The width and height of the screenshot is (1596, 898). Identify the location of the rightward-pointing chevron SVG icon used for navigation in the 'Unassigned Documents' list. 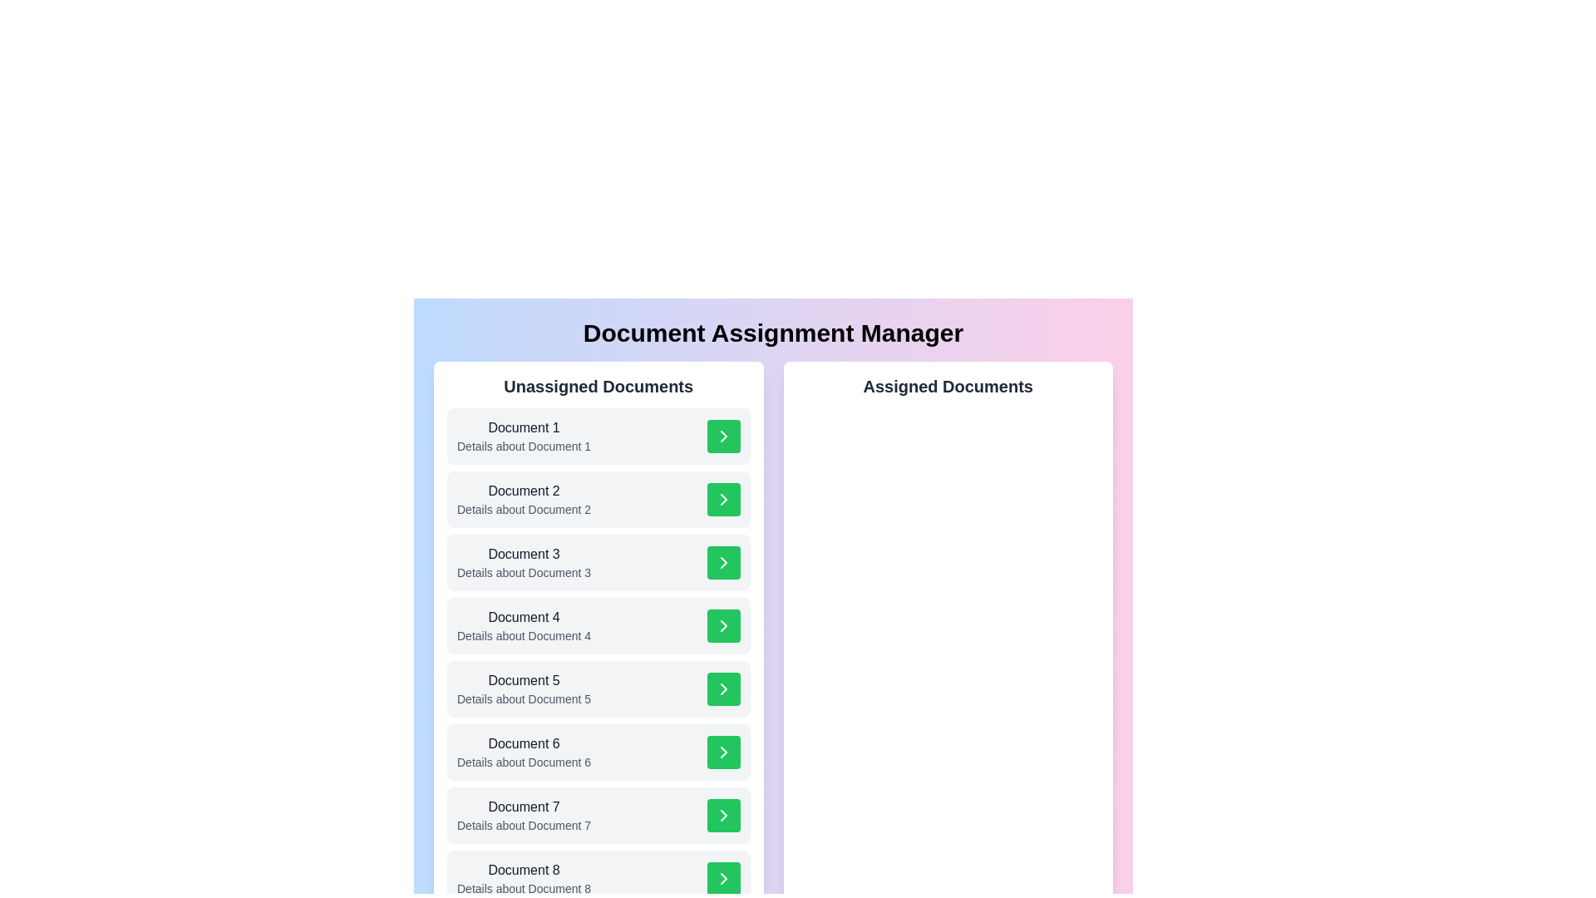
(723, 435).